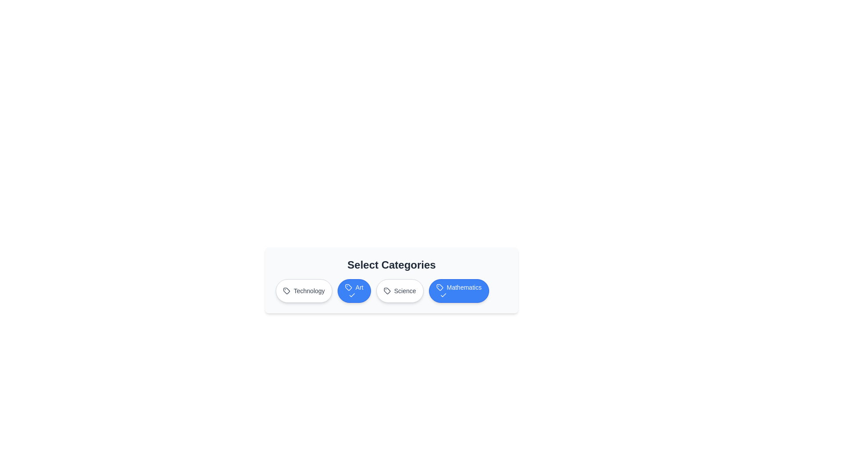 This screenshot has height=474, width=843. Describe the element at coordinates (303, 291) in the screenshot. I see `the Technology button` at that location.